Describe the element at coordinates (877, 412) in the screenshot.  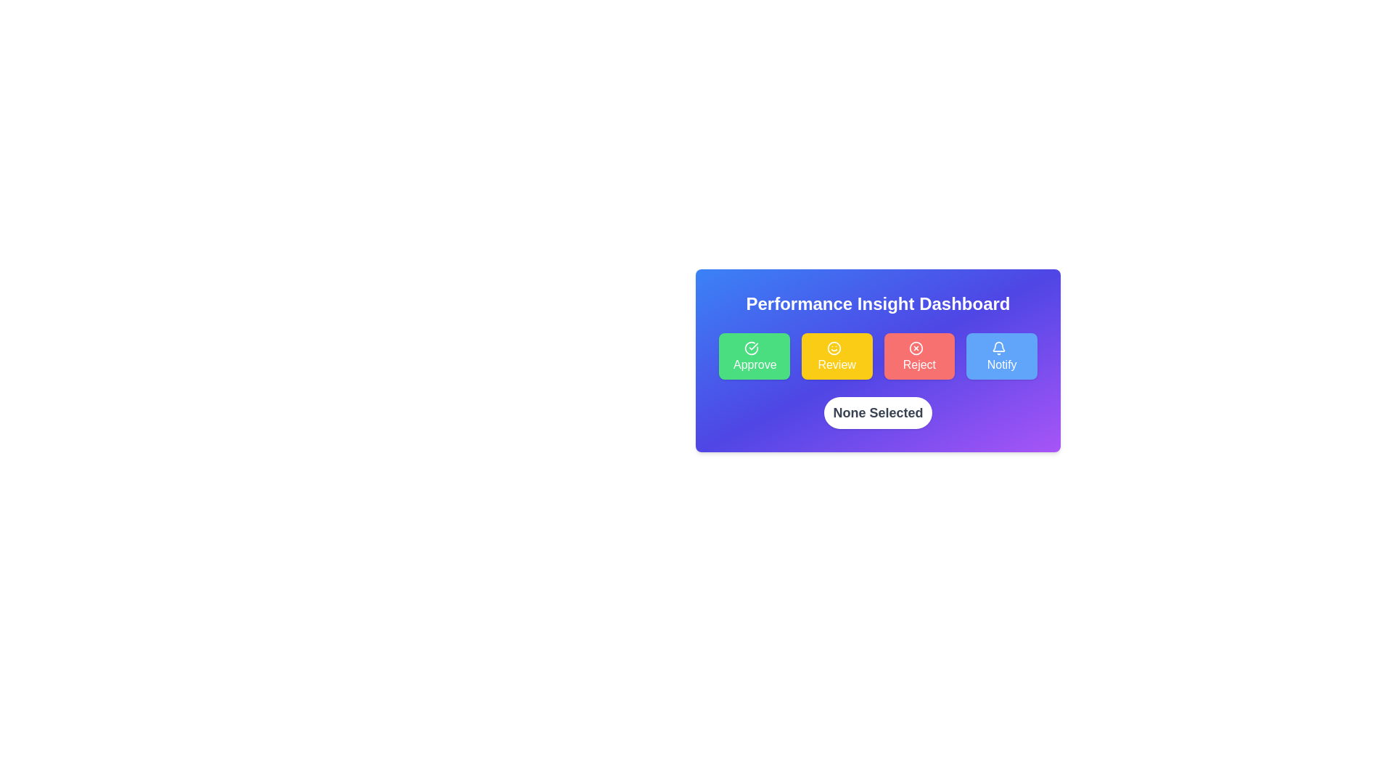
I see `the 'Performance Insight Dashboard' modal which contains the buttons 'Approve', 'Review', 'Reject', and 'Notify'` at that location.